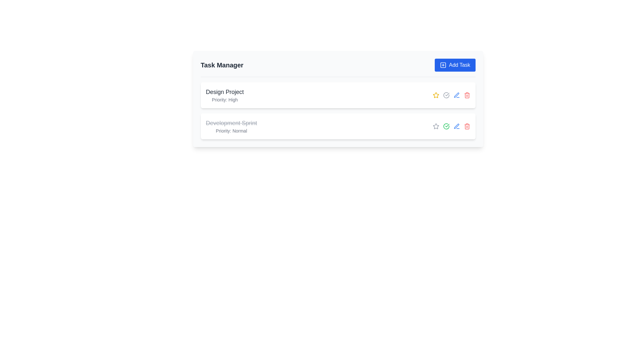 This screenshot has width=622, height=350. I want to click on the button located at the top-right corner of the 'Task Manager' section to observe any hover effects, so click(455, 65).